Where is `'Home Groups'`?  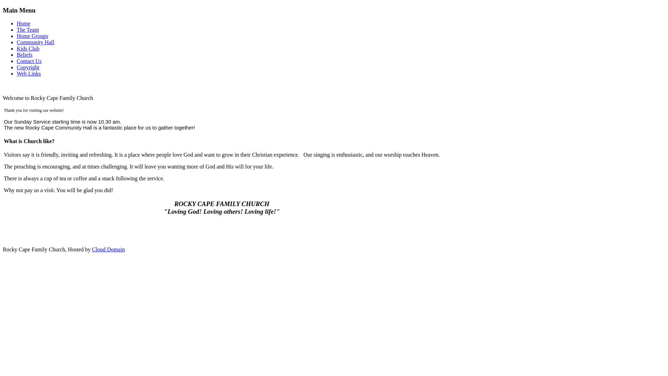
'Home Groups' is located at coordinates (32, 36).